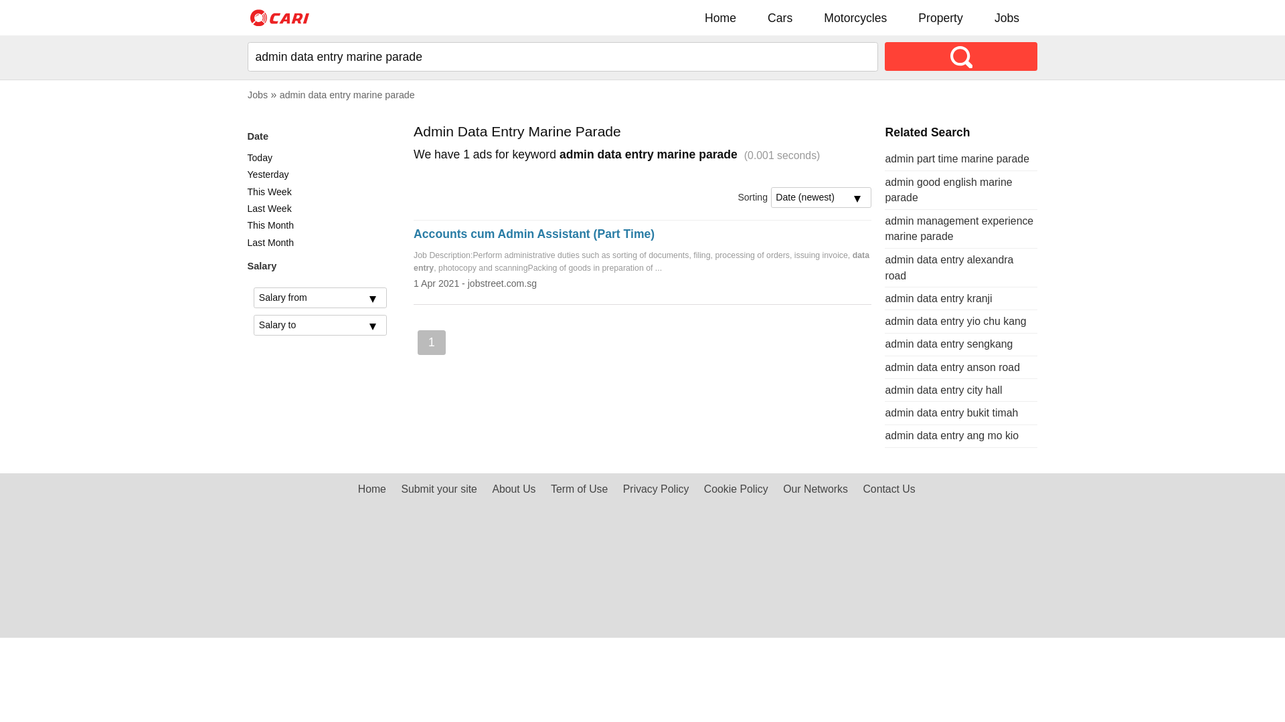  I want to click on 'admin data entry sengkang', so click(948, 343).